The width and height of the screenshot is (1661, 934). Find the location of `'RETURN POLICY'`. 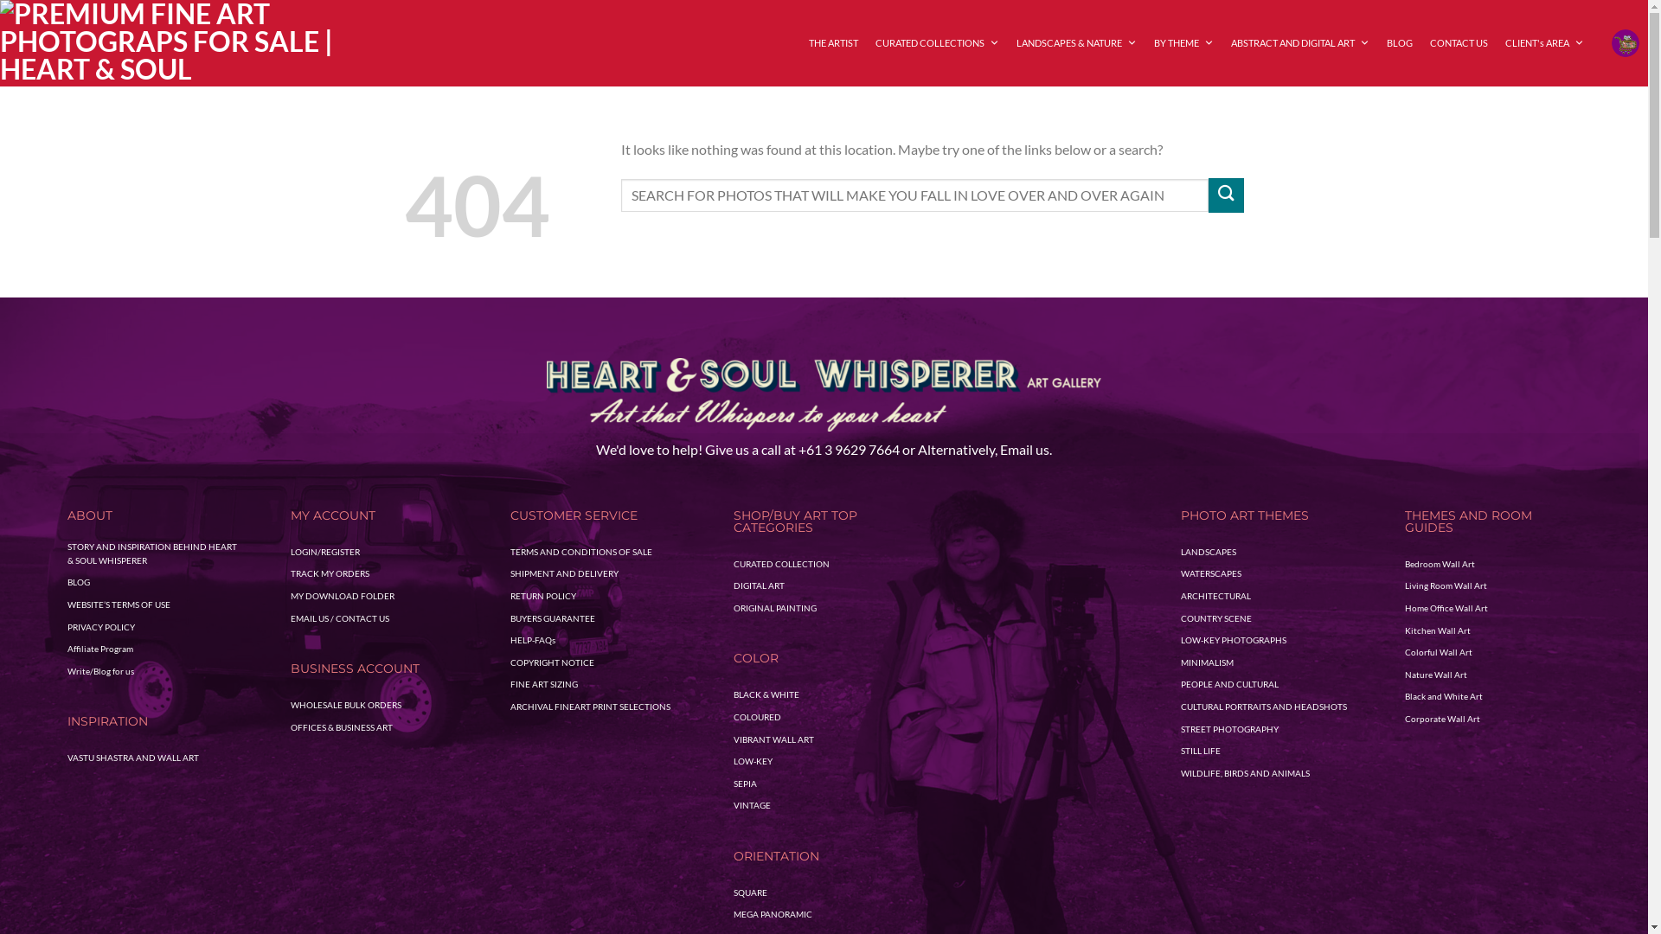

'RETURN POLICY' is located at coordinates (510, 595).